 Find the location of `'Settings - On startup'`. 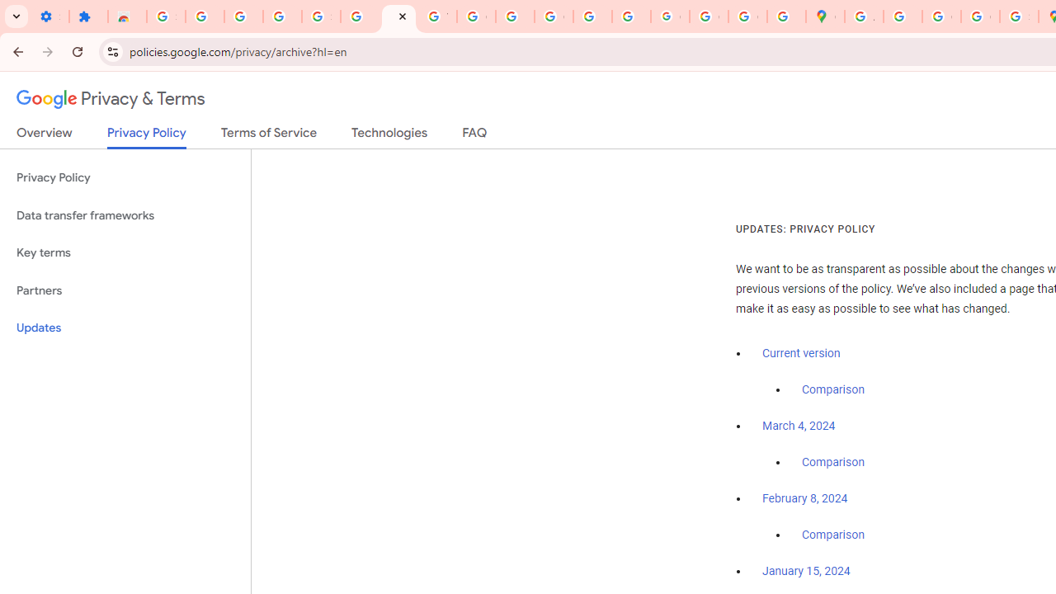

'Settings - On startup' is located at coordinates (49, 16).